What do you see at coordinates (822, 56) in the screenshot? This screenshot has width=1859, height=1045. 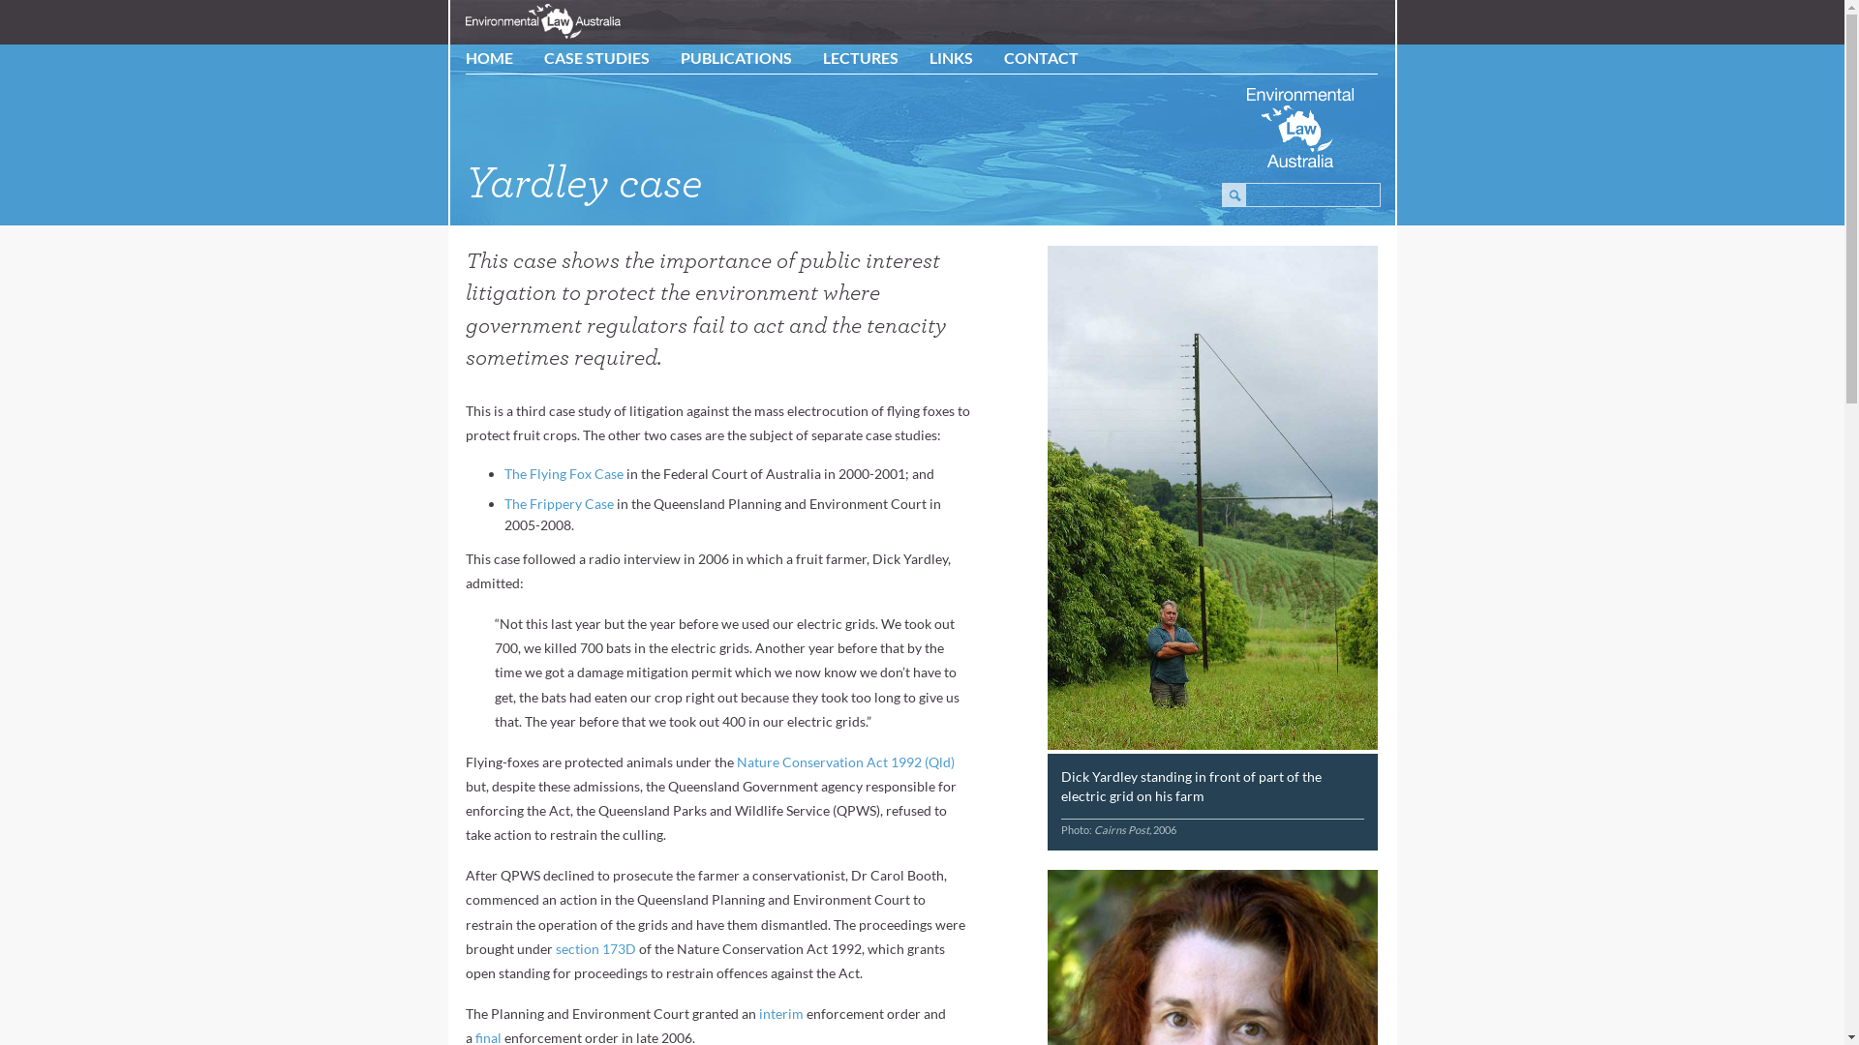 I see `'LECTURES'` at bounding box center [822, 56].